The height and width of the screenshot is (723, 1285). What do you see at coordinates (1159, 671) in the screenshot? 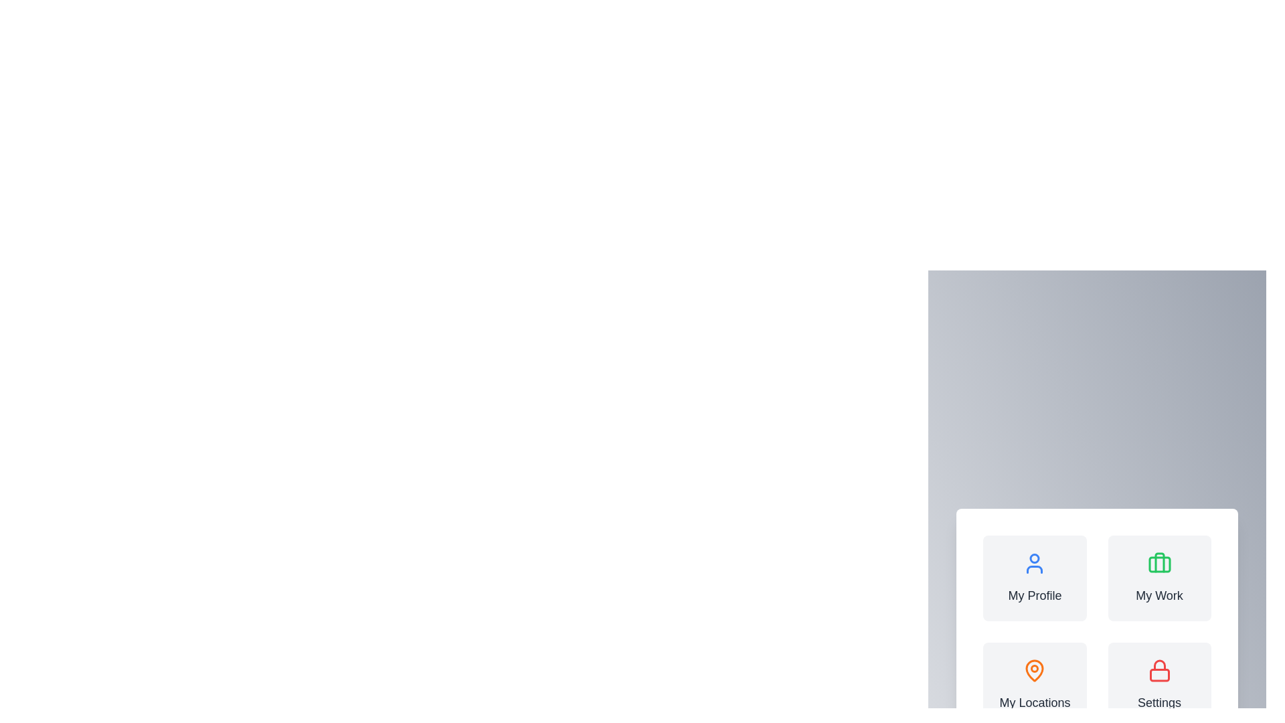
I see `the red lock icon located in the 'Settings' card, positioned above the text 'Settings'` at bounding box center [1159, 671].